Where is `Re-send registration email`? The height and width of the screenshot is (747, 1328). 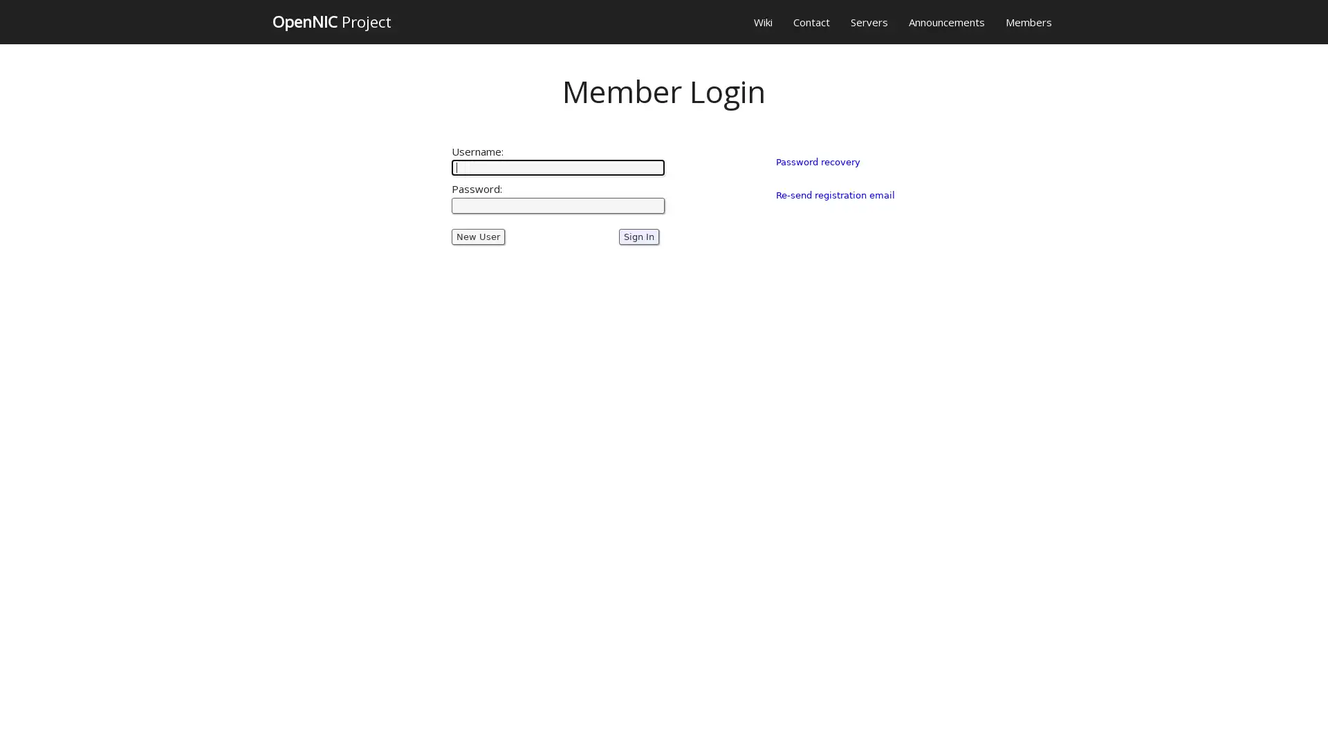 Re-send registration email is located at coordinates (833, 194).